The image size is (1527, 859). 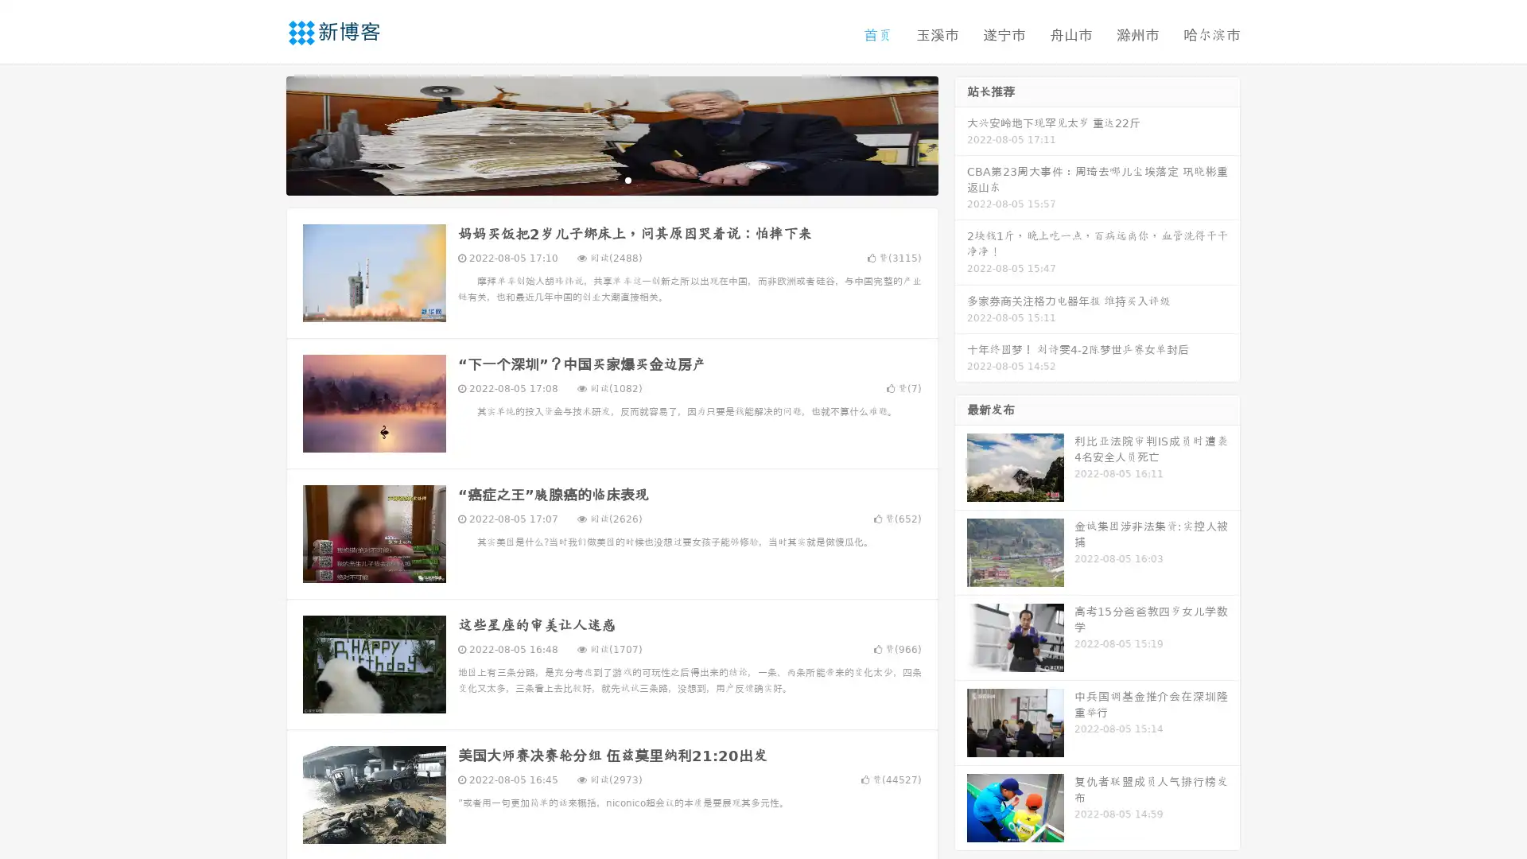 What do you see at coordinates (262, 134) in the screenshot?
I see `Previous slide` at bounding box center [262, 134].